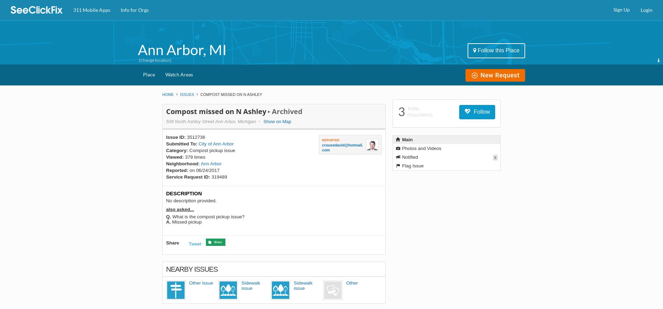  Describe the element at coordinates (166, 164) in the screenshot. I see `'Neighborhood:'` at that location.